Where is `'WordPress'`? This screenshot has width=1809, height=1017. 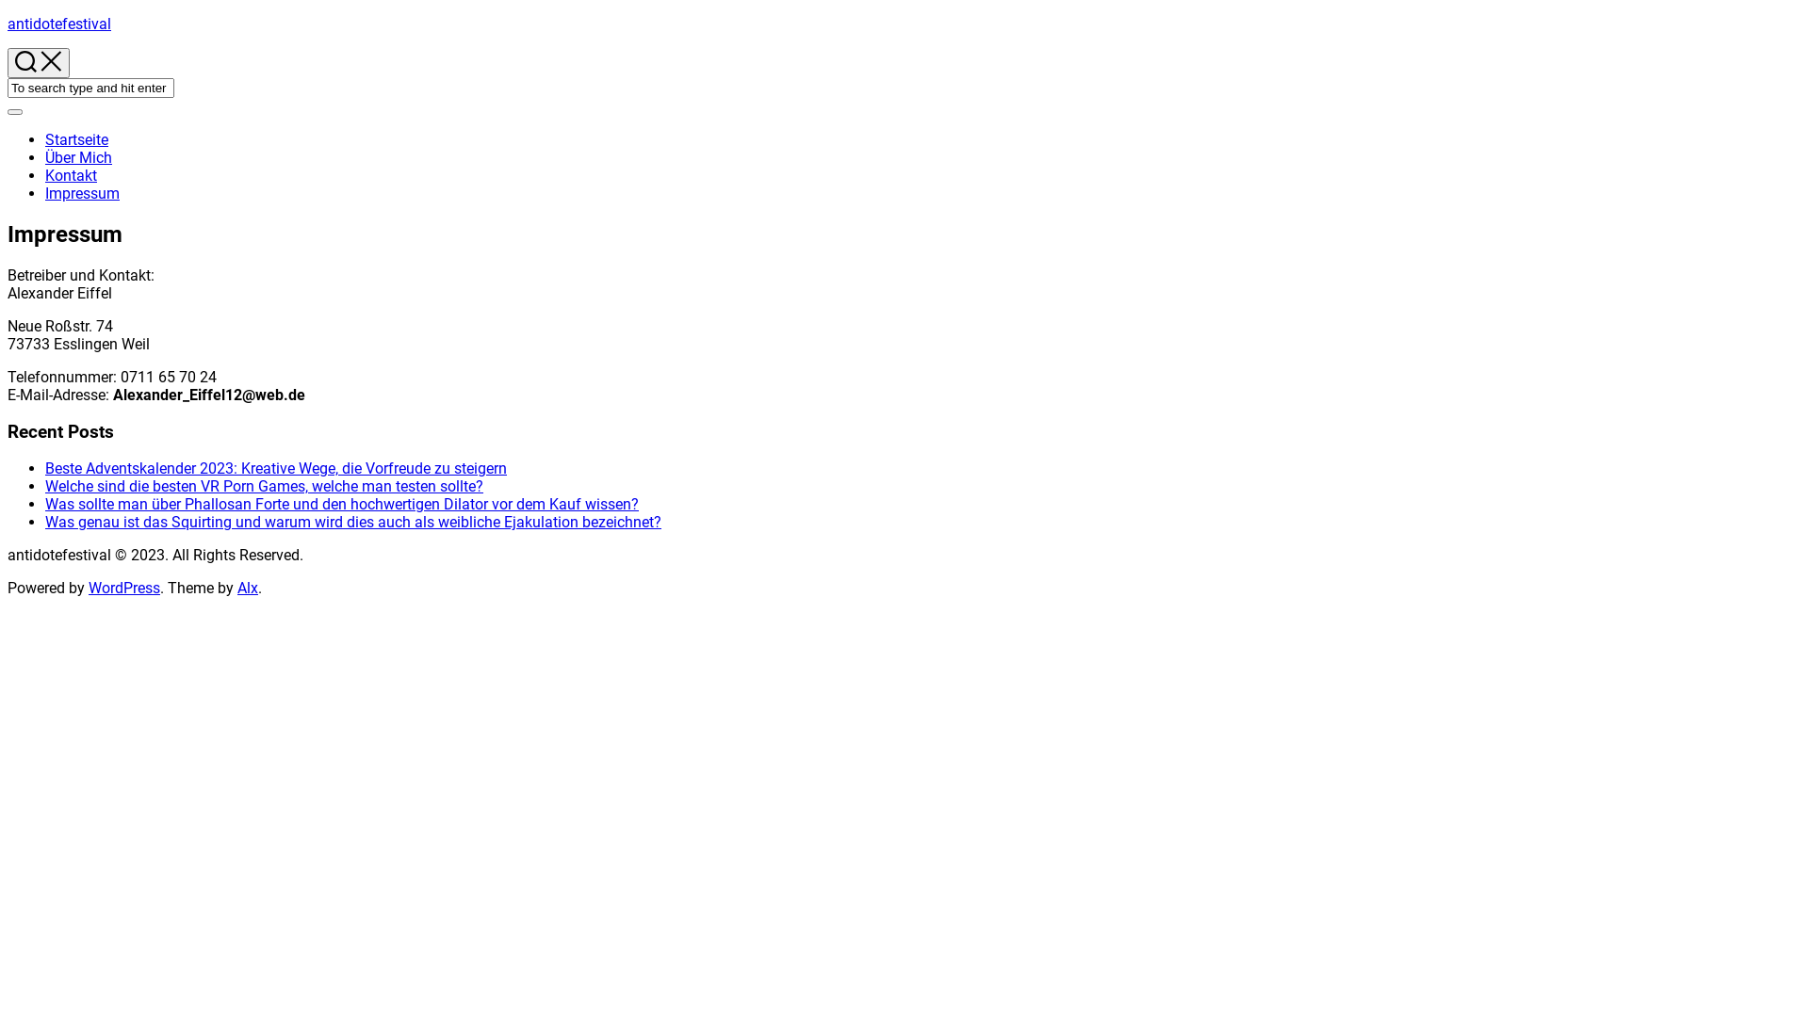
'WordPress' is located at coordinates (123, 587).